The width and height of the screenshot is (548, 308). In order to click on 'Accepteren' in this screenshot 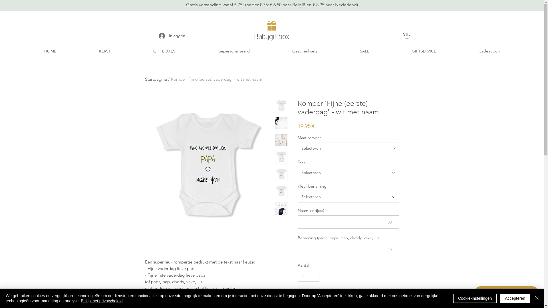, I will do `click(500, 298)`.